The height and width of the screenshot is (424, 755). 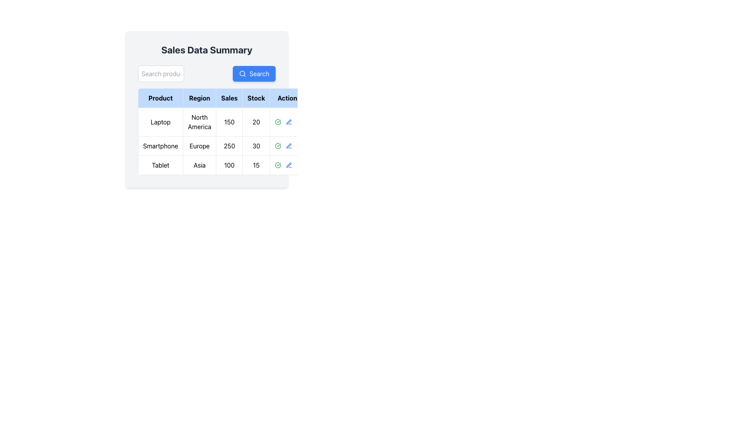 What do you see at coordinates (160, 164) in the screenshot?
I see `the table cell displaying the product name 'Tablet', which is the first cell in the third row of the table under the 'Product' column` at bounding box center [160, 164].